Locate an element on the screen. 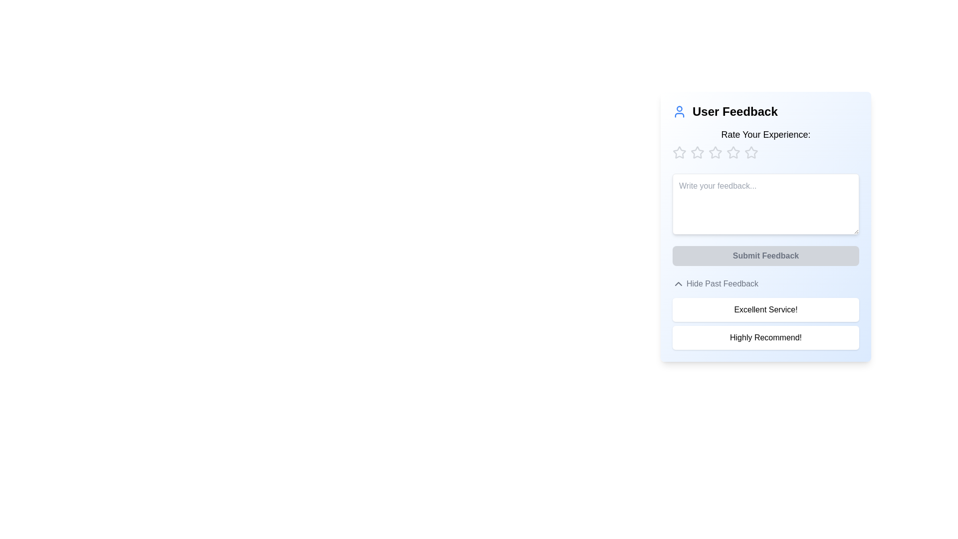  the third star in the series of five outlined gray rating stars is located at coordinates (733, 152).